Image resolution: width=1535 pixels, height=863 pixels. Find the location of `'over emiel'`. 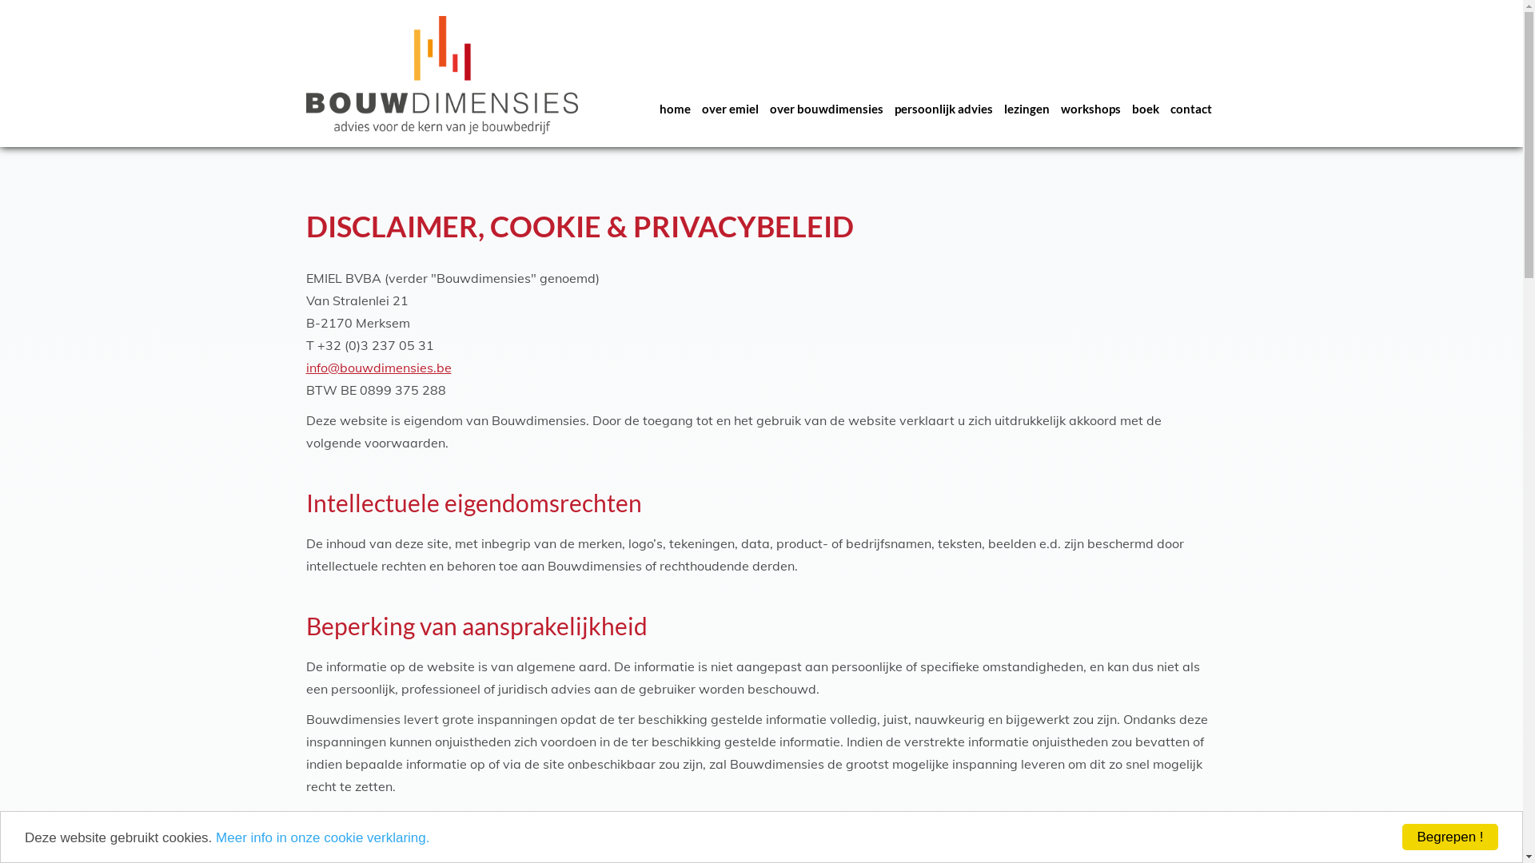

'over emiel' is located at coordinates (728, 107).